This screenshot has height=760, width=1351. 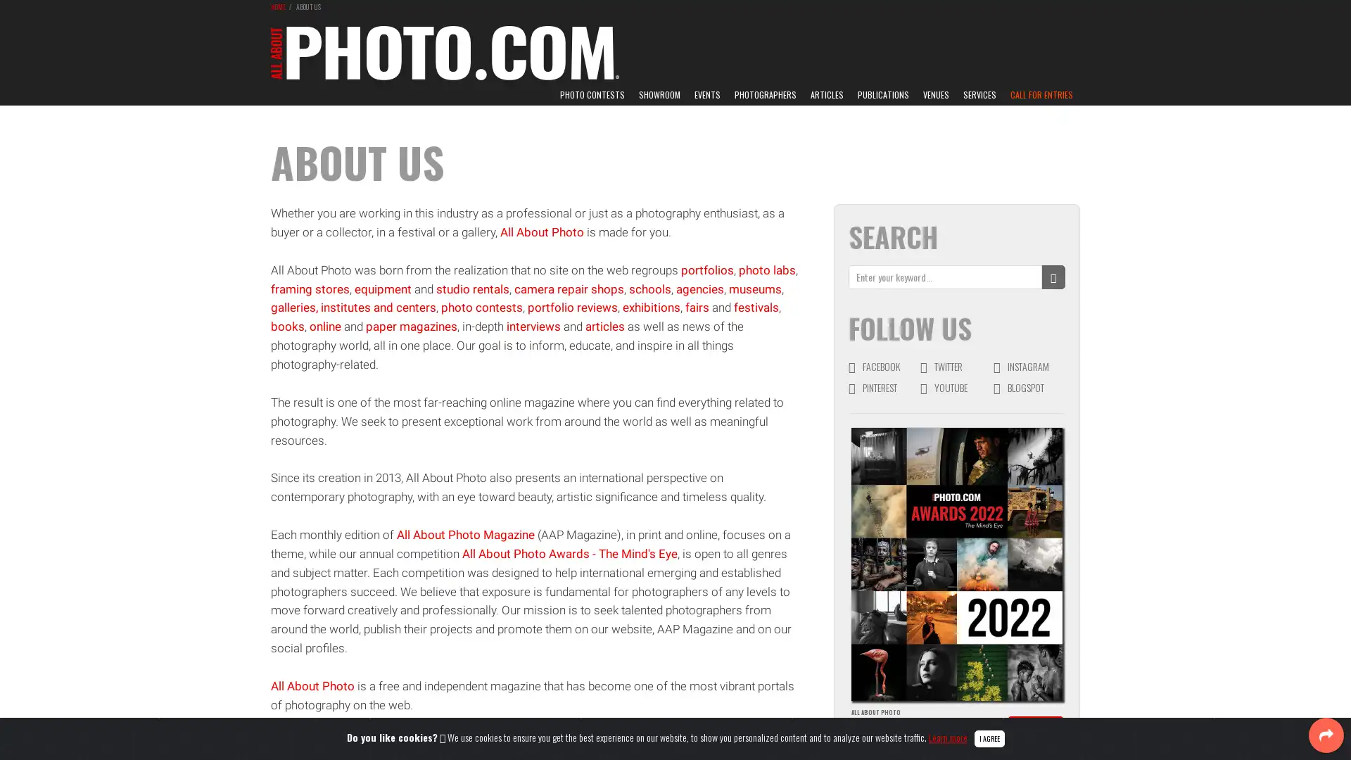 I want to click on ARTICLES, so click(x=827, y=95).